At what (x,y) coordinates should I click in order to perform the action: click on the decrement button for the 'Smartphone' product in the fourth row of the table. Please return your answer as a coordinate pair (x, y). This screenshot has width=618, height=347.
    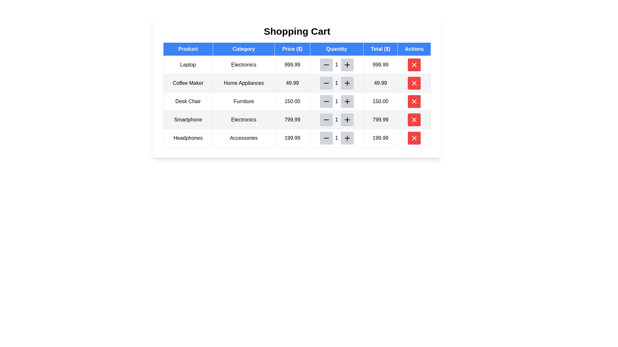
    Looking at the image, I should click on (326, 120).